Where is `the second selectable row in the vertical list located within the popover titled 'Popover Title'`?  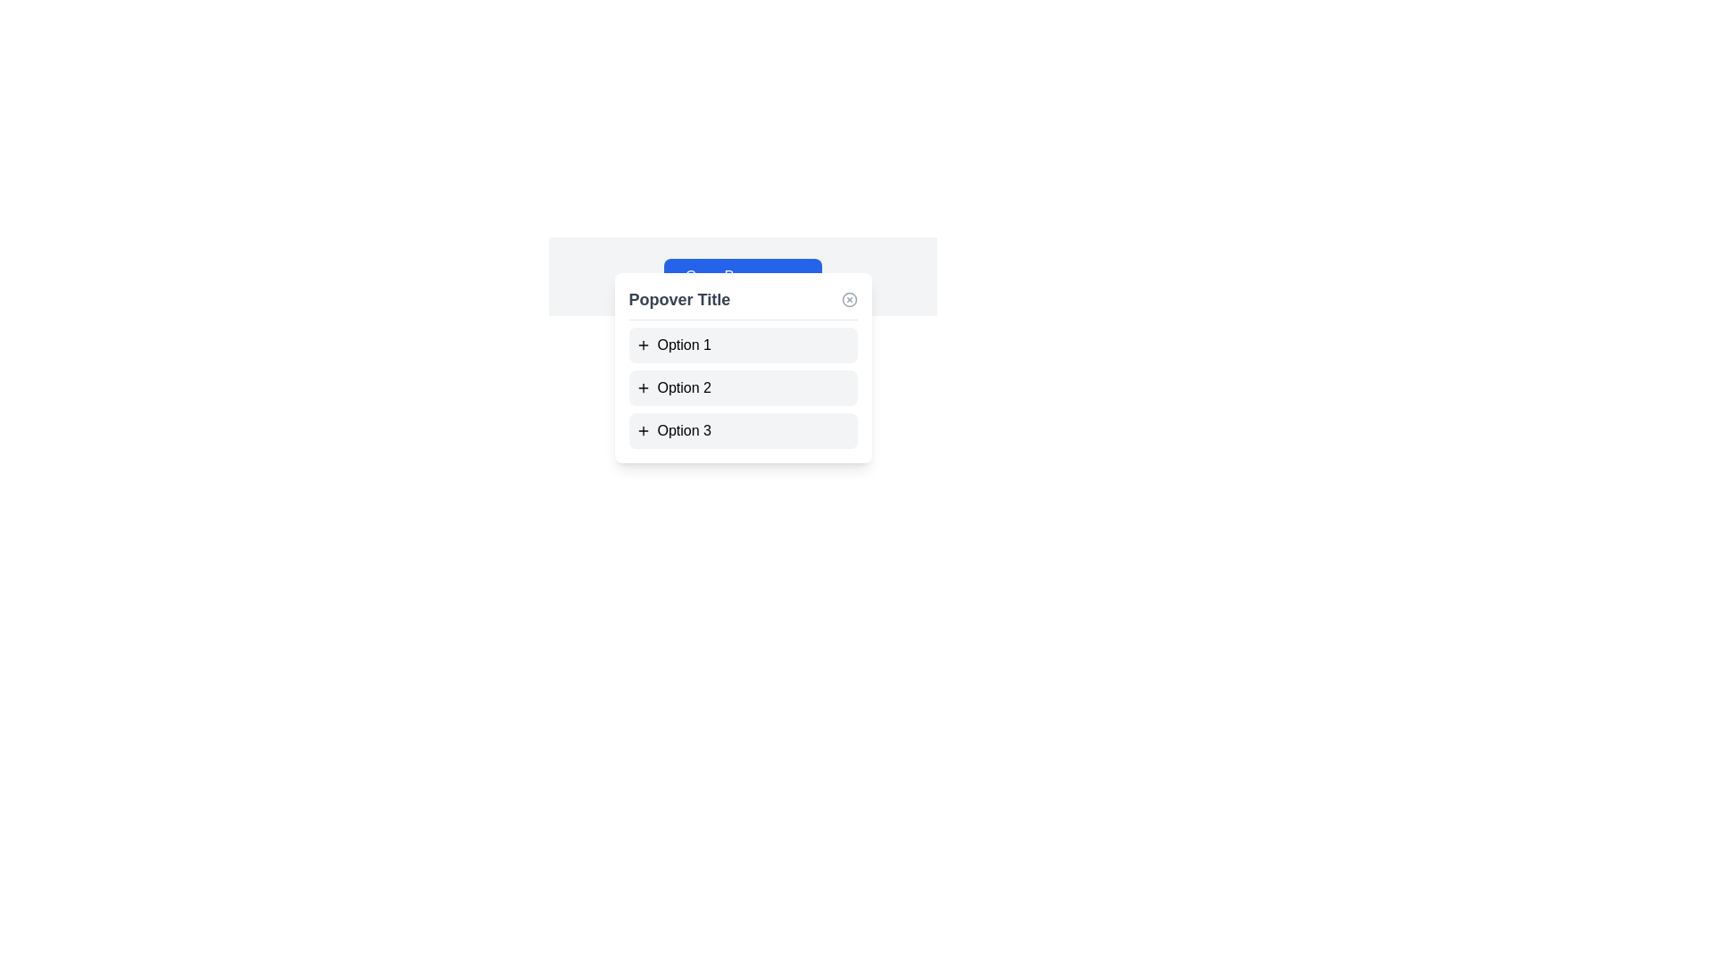 the second selectable row in the vertical list located within the popover titled 'Popover Title' is located at coordinates (743, 387).